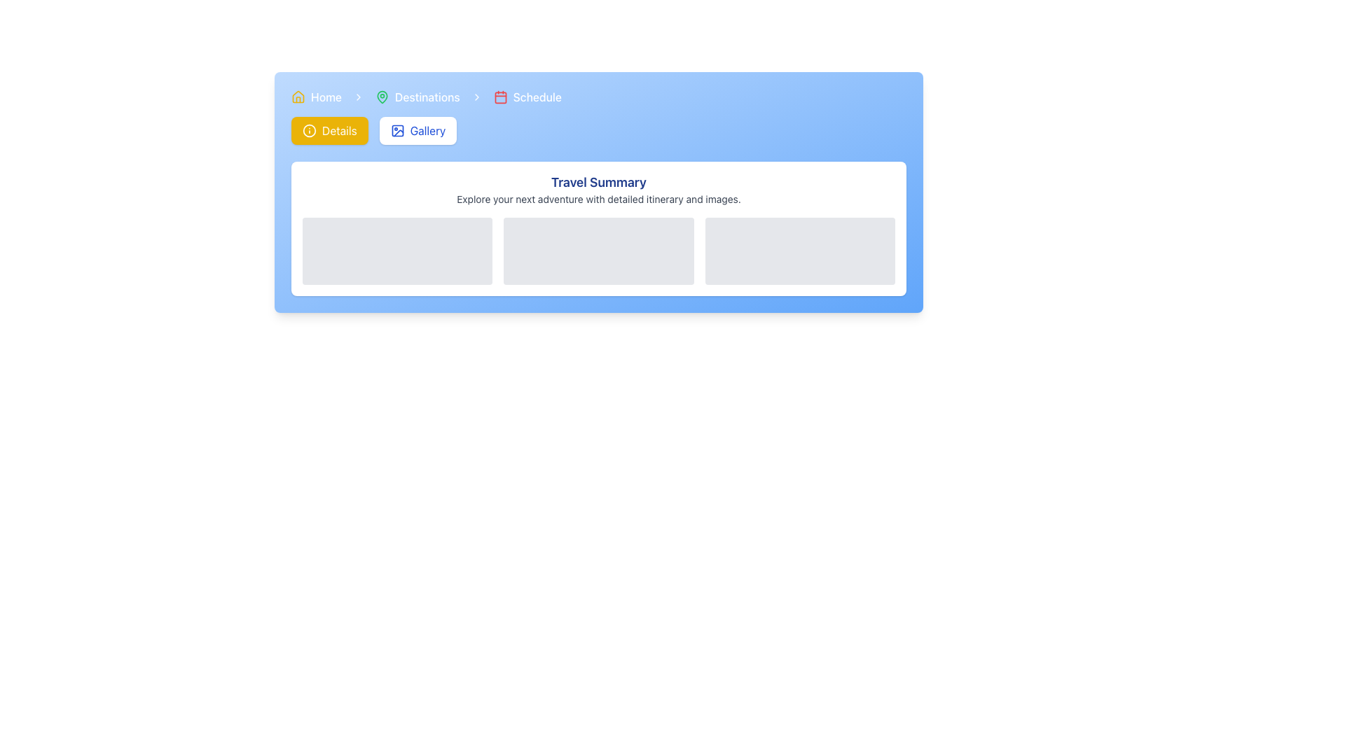 Image resolution: width=1345 pixels, height=756 pixels. I want to click on the red calendar icon located in the breadcrumb navigation bar, which is positioned to the left of the 'Schedule' text label, so click(500, 96).